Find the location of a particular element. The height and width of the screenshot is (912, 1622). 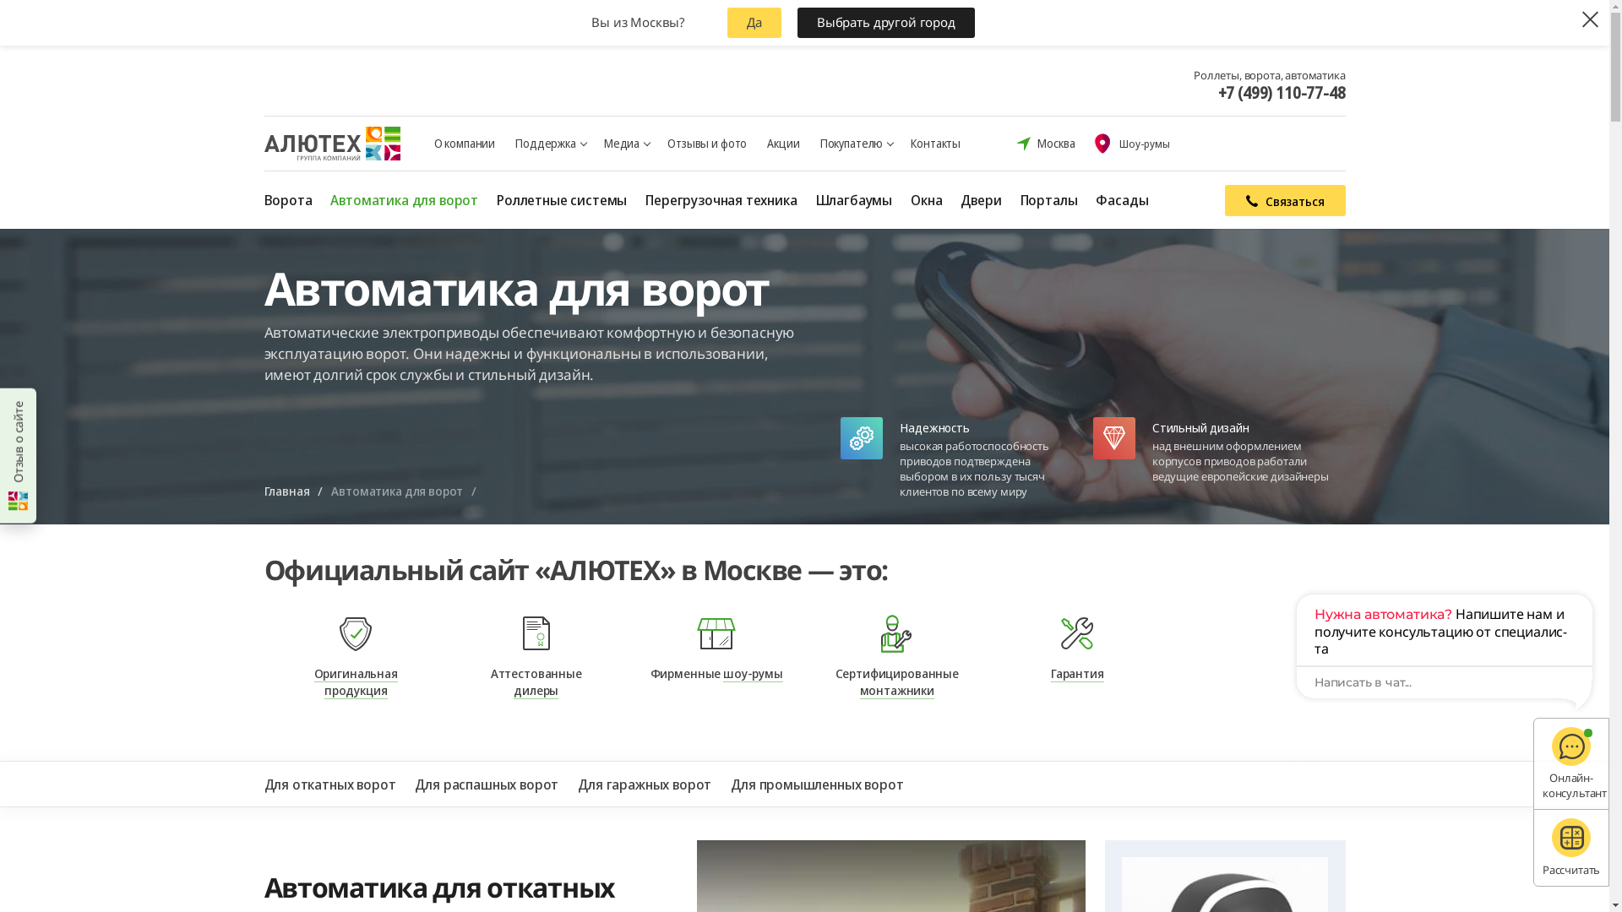

'+7 (499) 110-77-48' is located at coordinates (1282, 93).